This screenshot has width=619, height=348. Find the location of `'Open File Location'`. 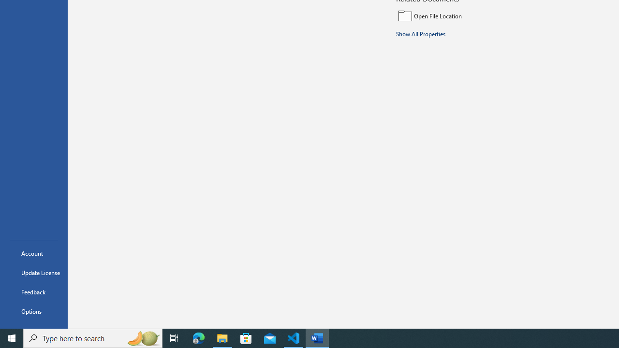

'Open File Location' is located at coordinates (460, 15).